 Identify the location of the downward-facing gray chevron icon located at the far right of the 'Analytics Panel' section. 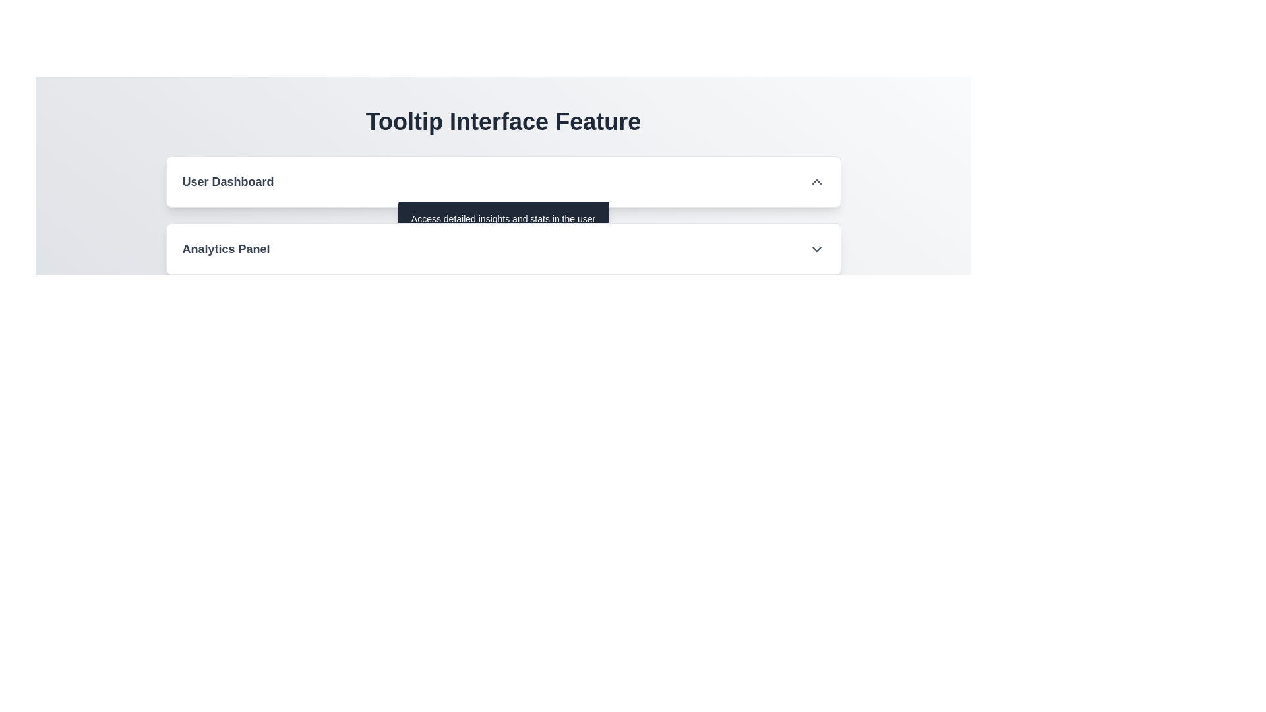
(816, 249).